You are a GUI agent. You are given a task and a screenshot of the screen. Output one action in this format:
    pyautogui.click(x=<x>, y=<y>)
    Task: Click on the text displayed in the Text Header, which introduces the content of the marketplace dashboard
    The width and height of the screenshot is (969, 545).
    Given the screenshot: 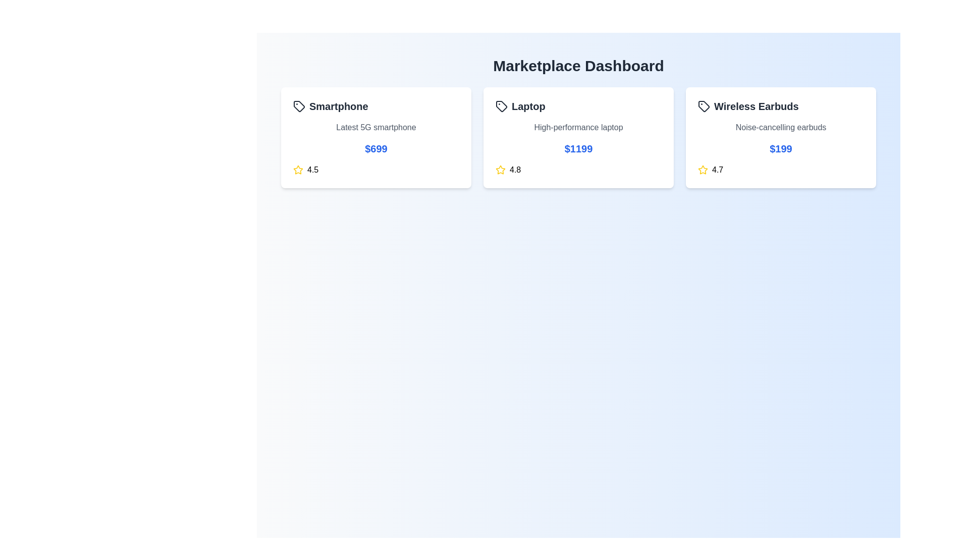 What is the action you would take?
    pyautogui.click(x=578, y=66)
    